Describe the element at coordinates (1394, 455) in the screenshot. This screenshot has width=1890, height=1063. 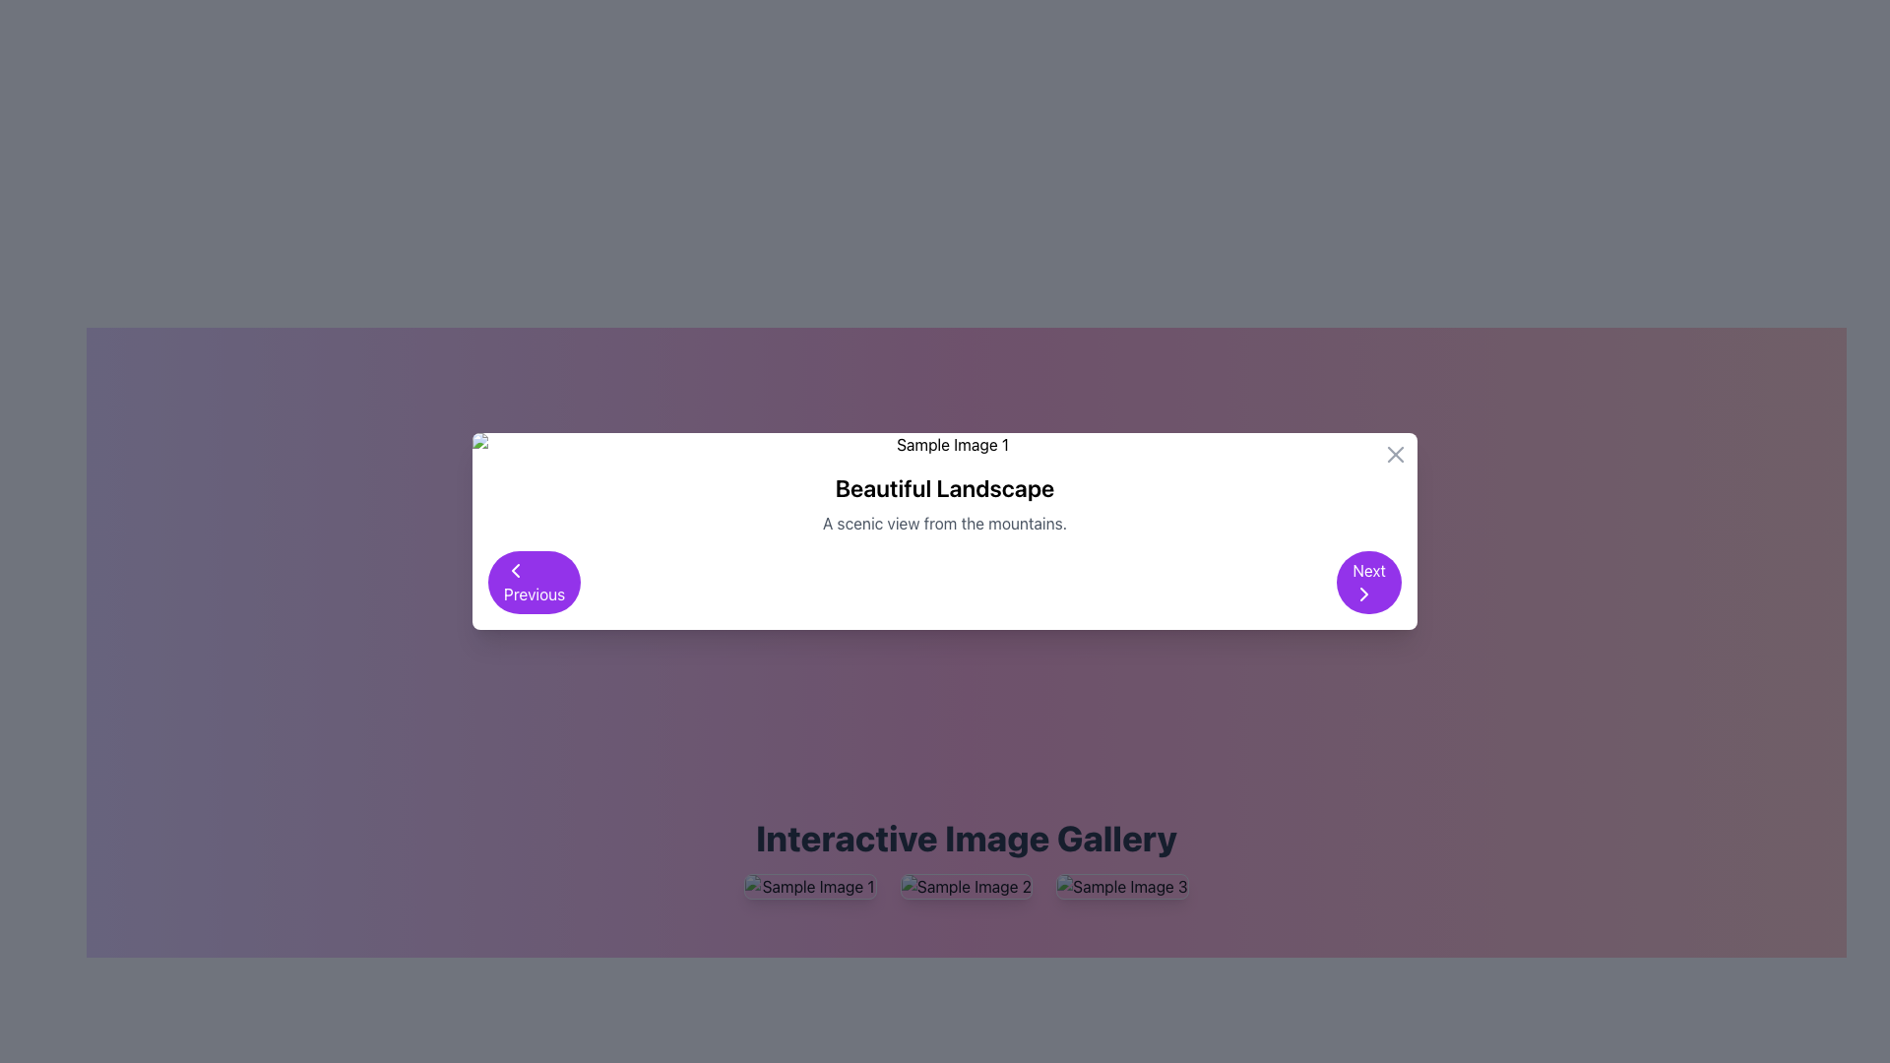
I see `the close icon represented by a diagonal cross symbol located at the top-right corner of the modal window` at that location.